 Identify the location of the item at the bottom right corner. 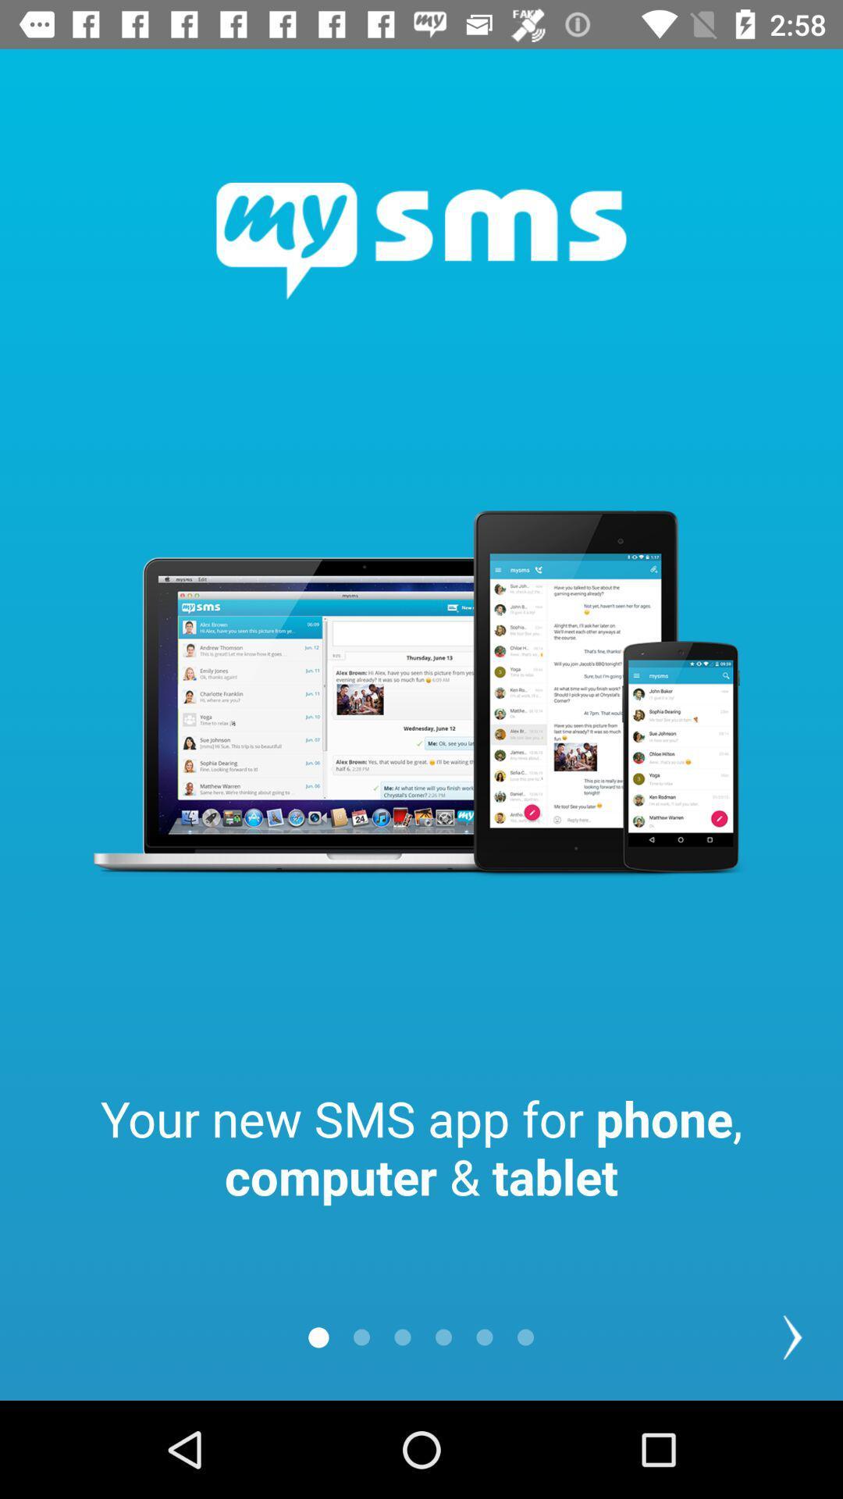
(792, 1337).